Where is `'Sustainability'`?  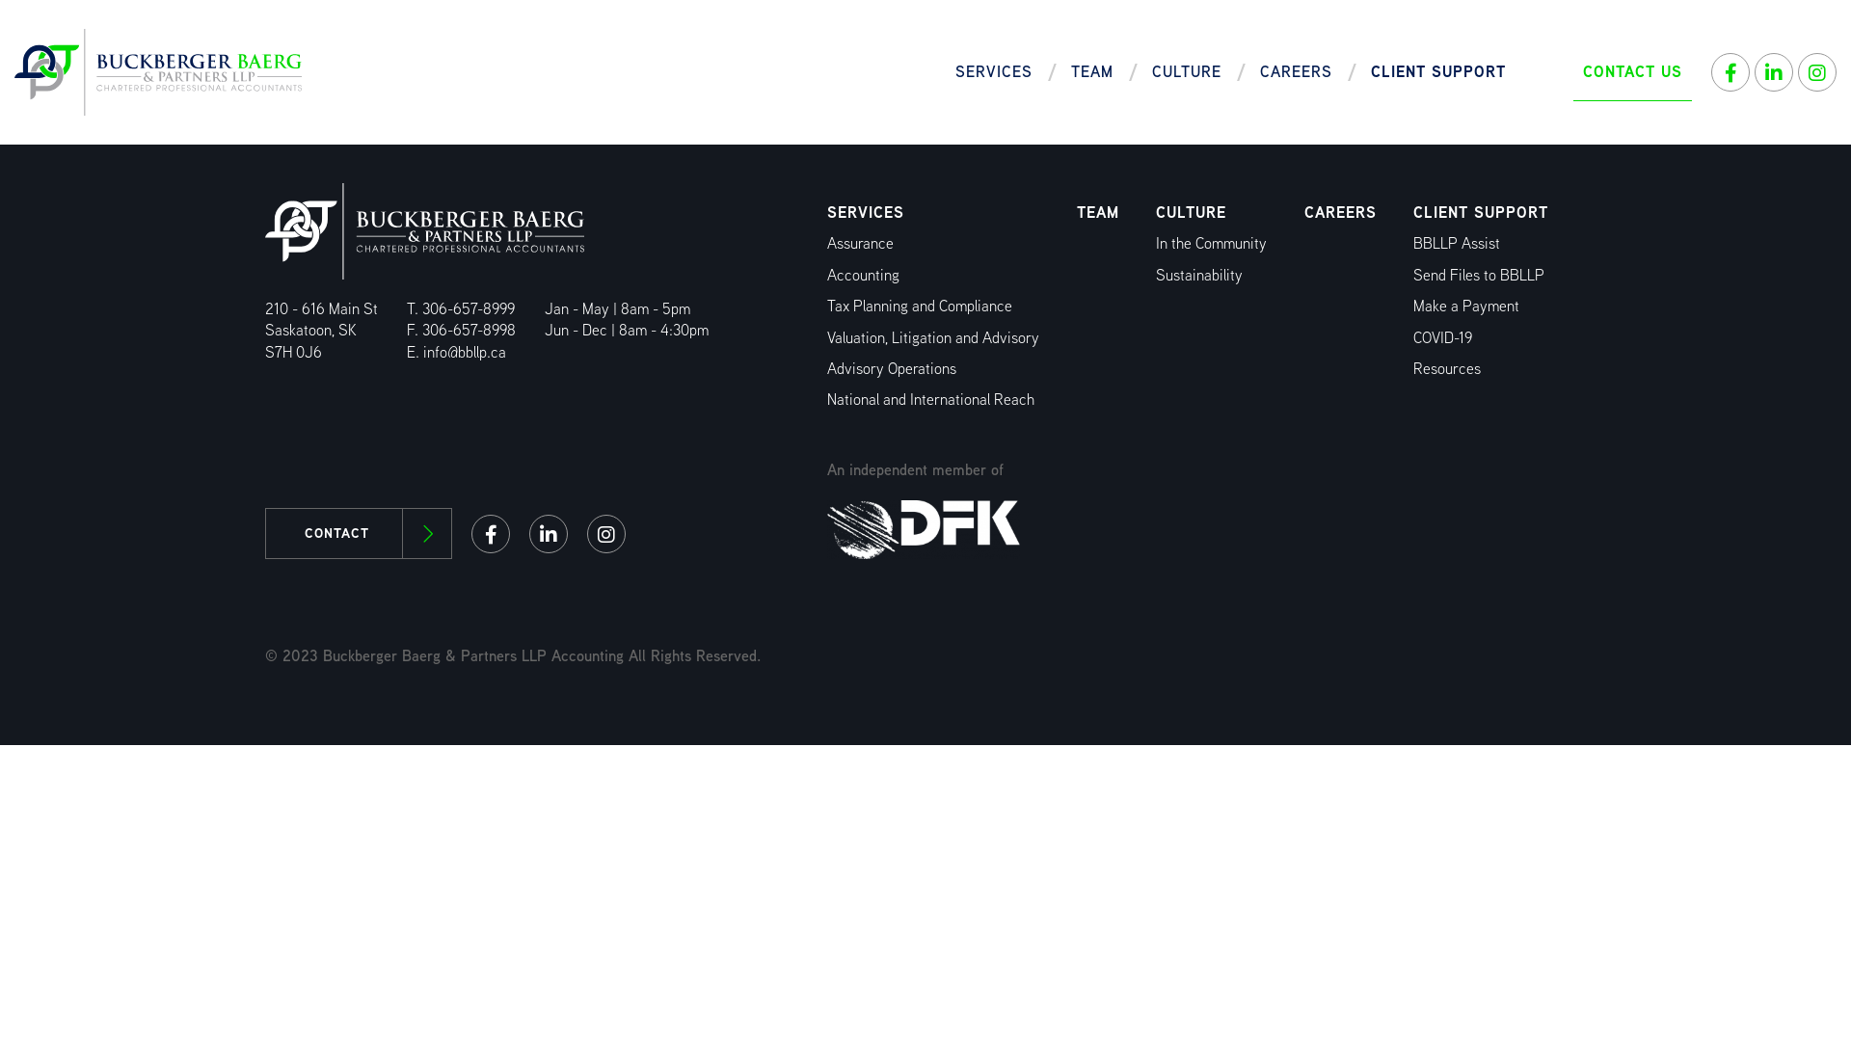
'Sustainability' is located at coordinates (1197, 275).